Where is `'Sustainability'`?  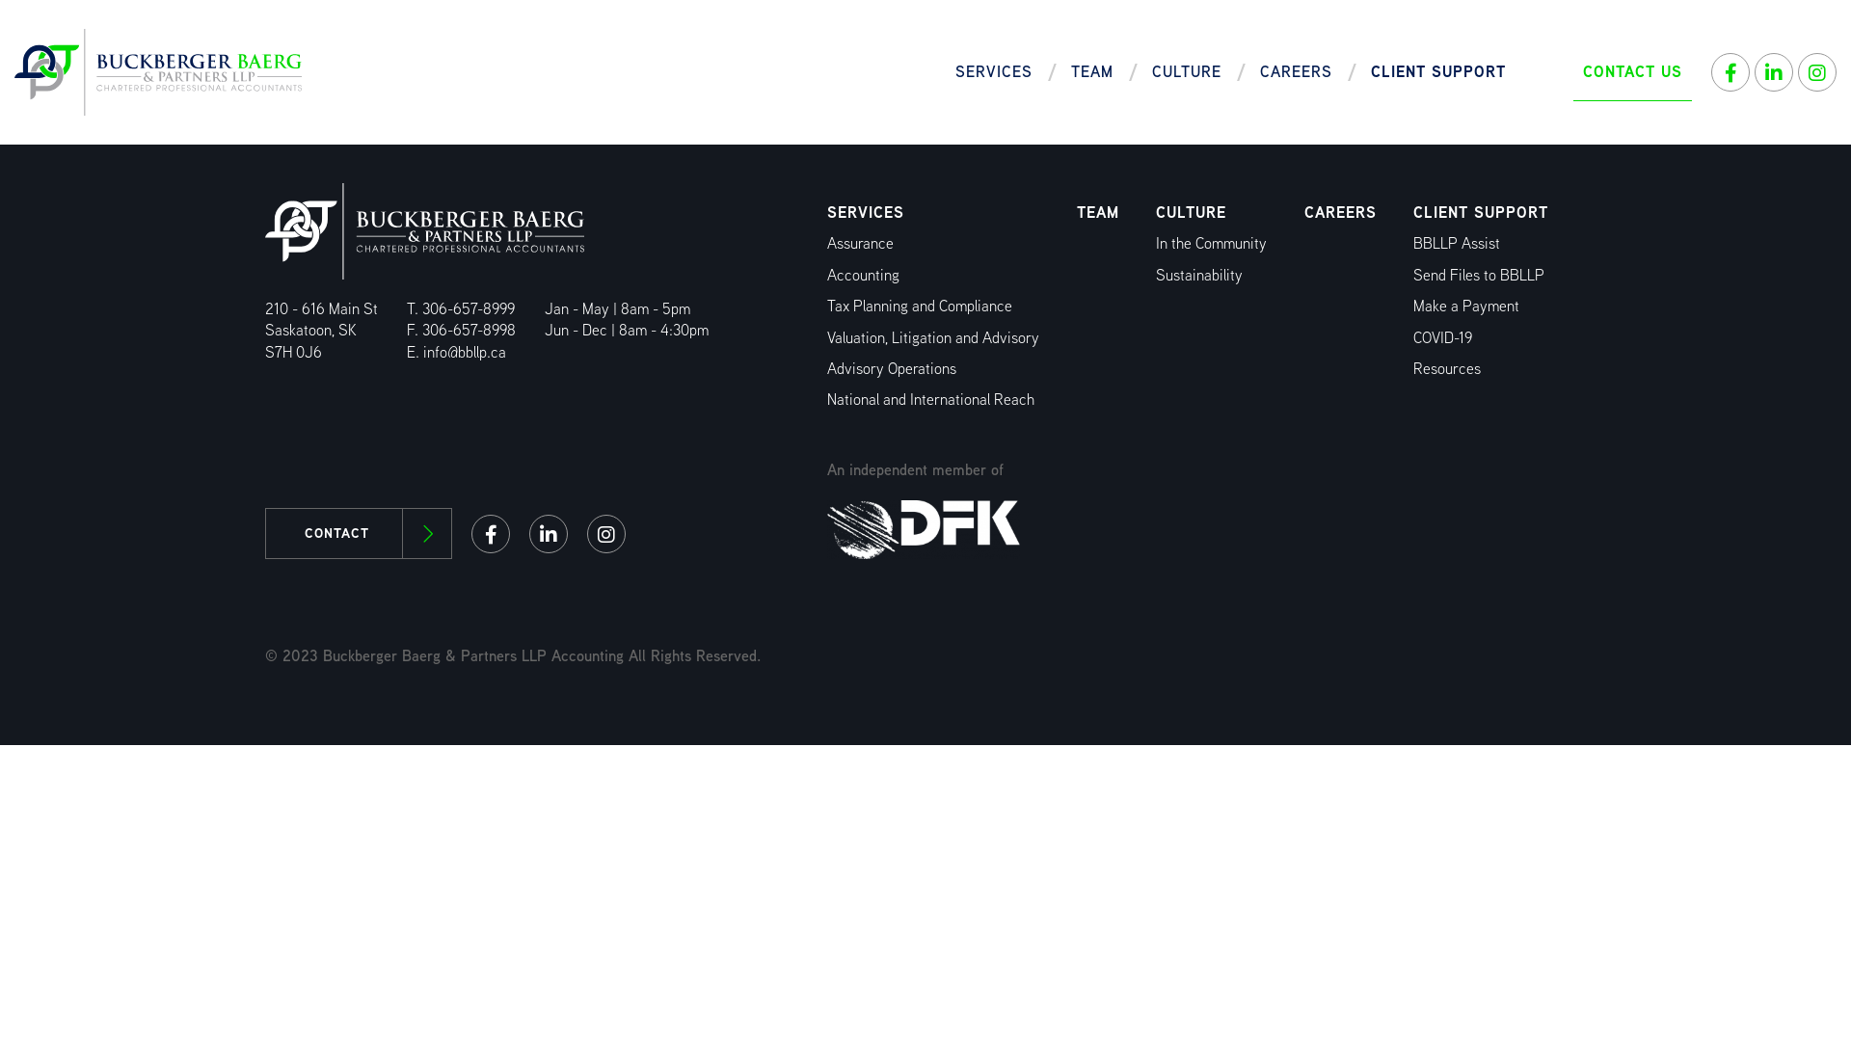
'Sustainability' is located at coordinates (1197, 275).